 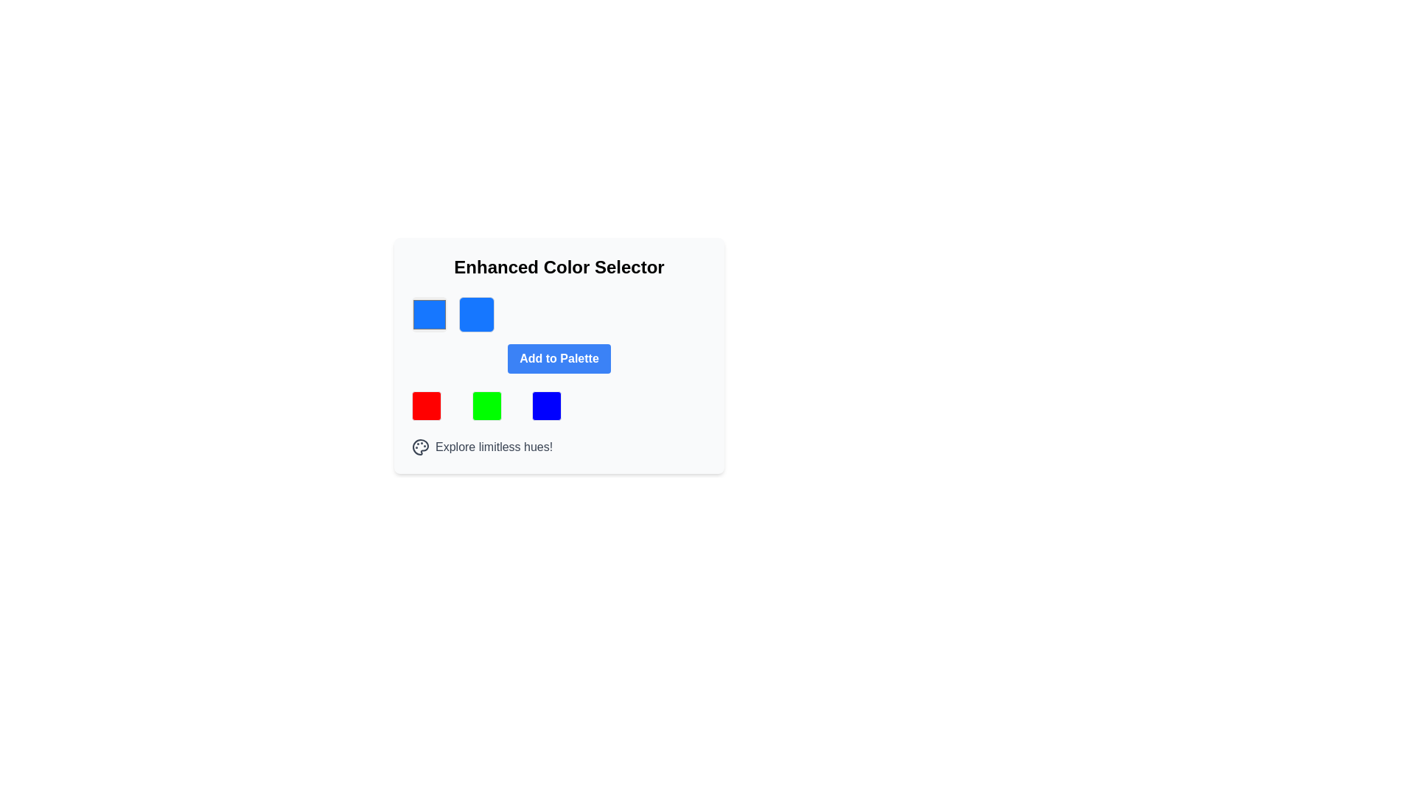 I want to click on the blue square color selector component located in the bottom row, third from the left, so click(x=546, y=406).